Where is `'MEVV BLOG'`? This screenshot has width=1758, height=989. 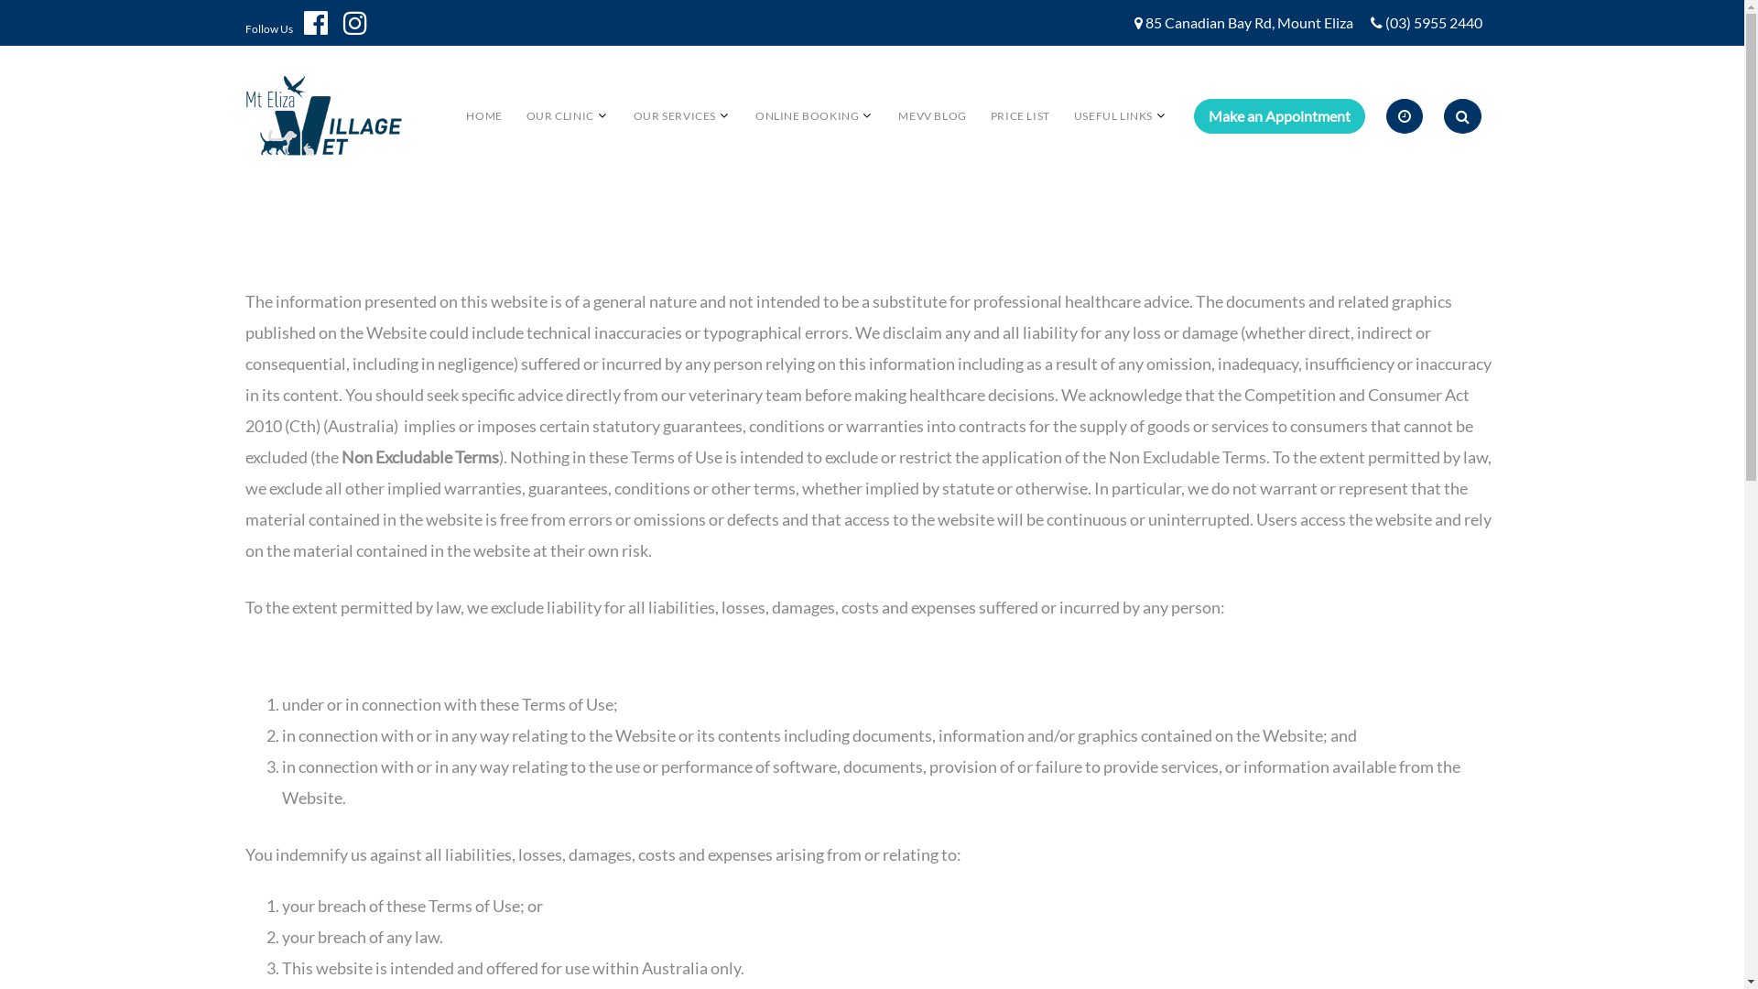 'MEVV BLOG' is located at coordinates (931, 115).